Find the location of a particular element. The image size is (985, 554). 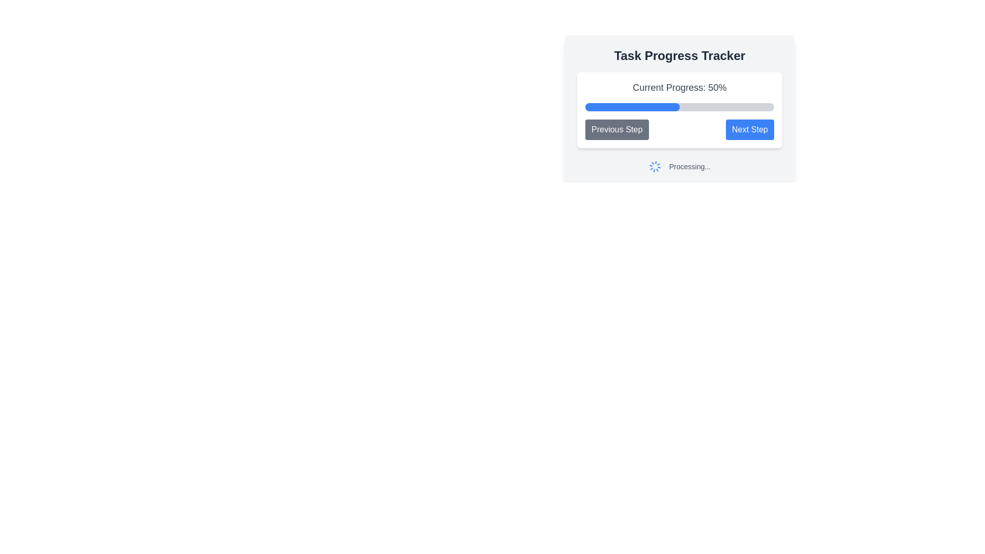

the progress bar indicator, which is a blue and gray bar indicating 50% progress, located centrally within its card, just below the 'Current Progress: 50%' text is located at coordinates (679, 110).